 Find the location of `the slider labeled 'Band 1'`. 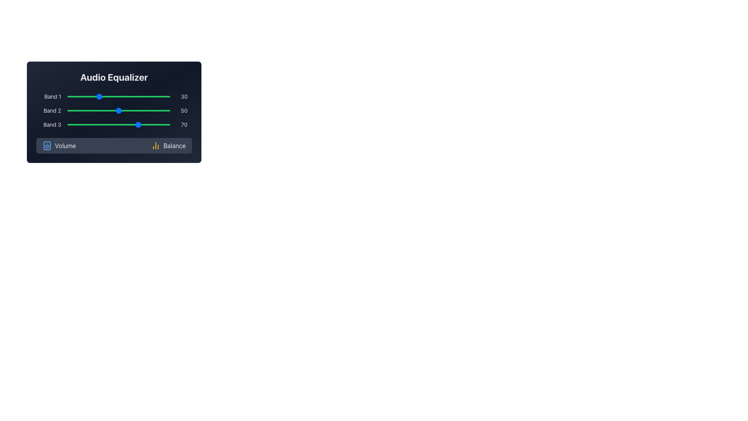

the slider labeled 'Band 1' is located at coordinates (141, 96).